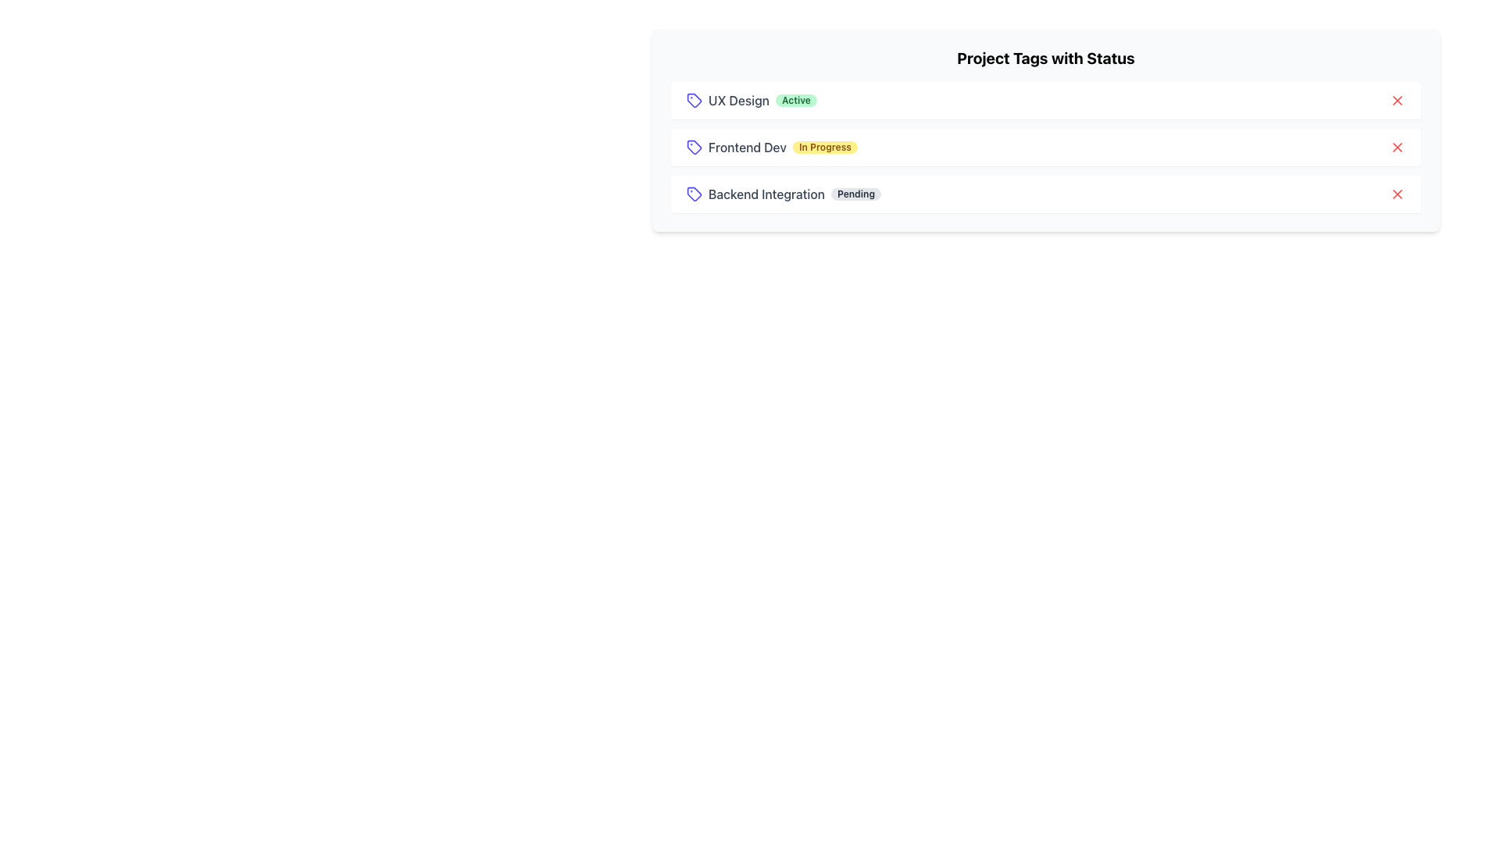 This screenshot has width=1500, height=843. What do you see at coordinates (693, 194) in the screenshot?
I see `the visual icon indicating the 'Backend Integration' item in the project statuses list, located at the far left of the row` at bounding box center [693, 194].